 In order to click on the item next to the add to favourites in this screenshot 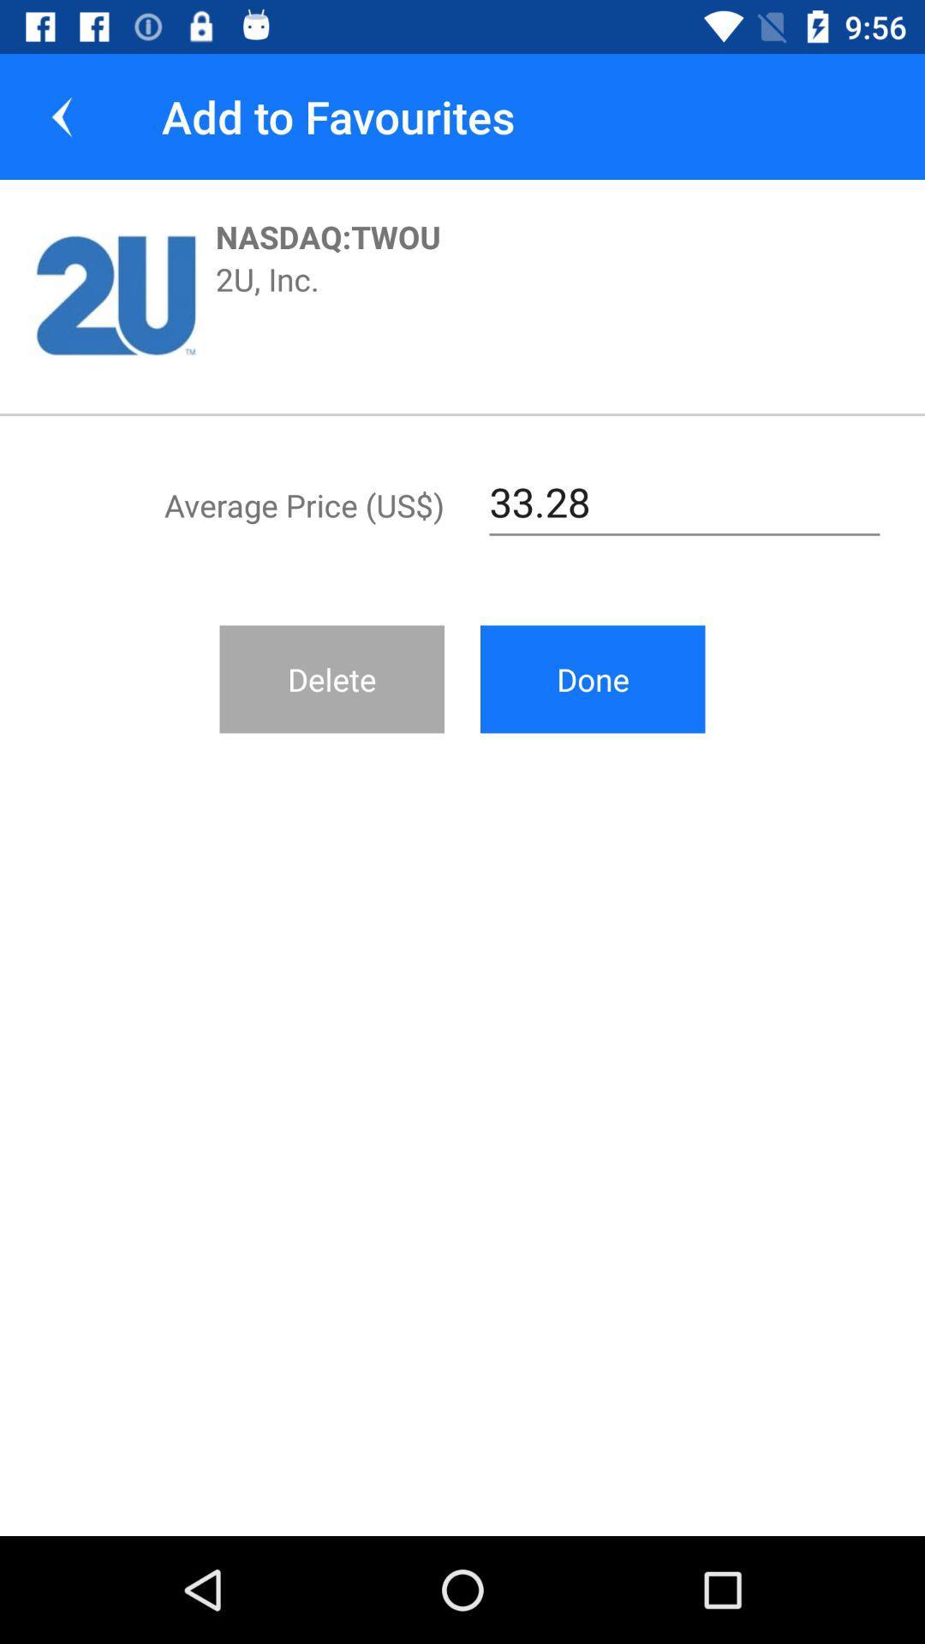, I will do `click(62, 116)`.